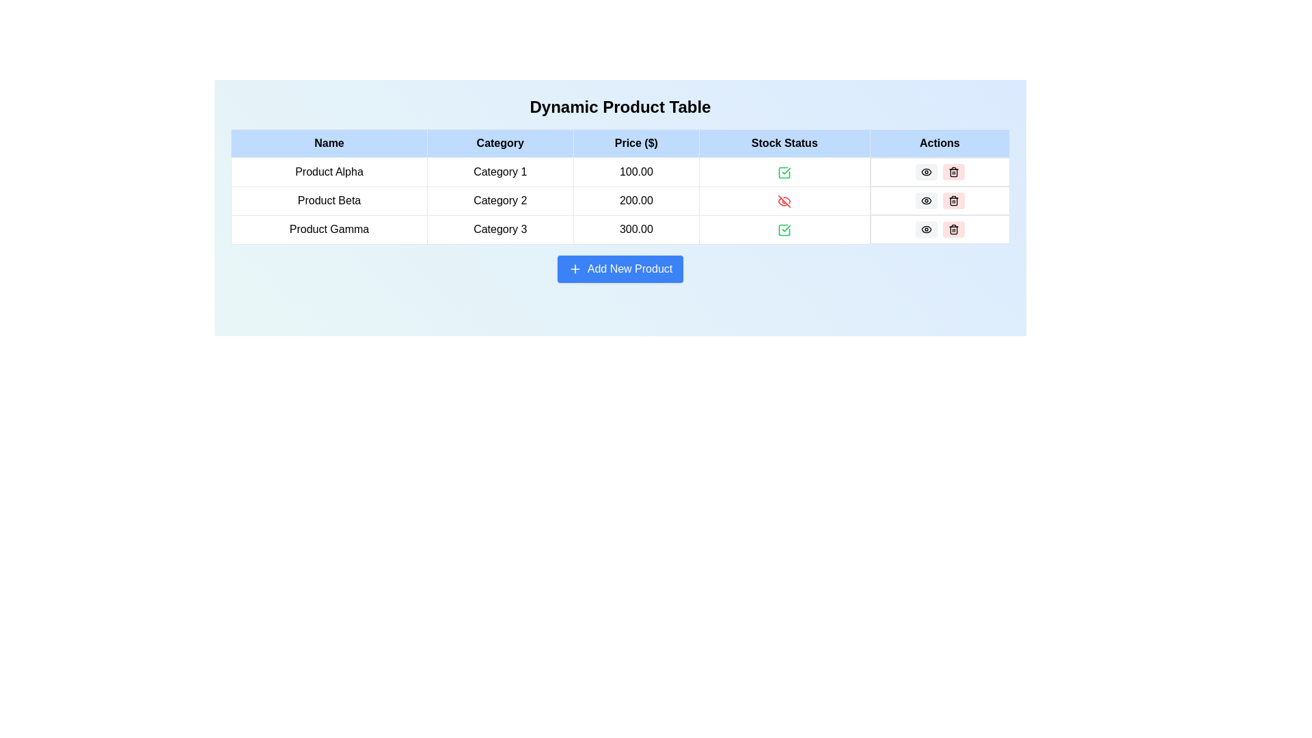 This screenshot has height=738, width=1312. Describe the element at coordinates (953, 200) in the screenshot. I see `the delete icon button in the 'Actions' column of the second row in the 'Dynamic Product Table'` at that location.